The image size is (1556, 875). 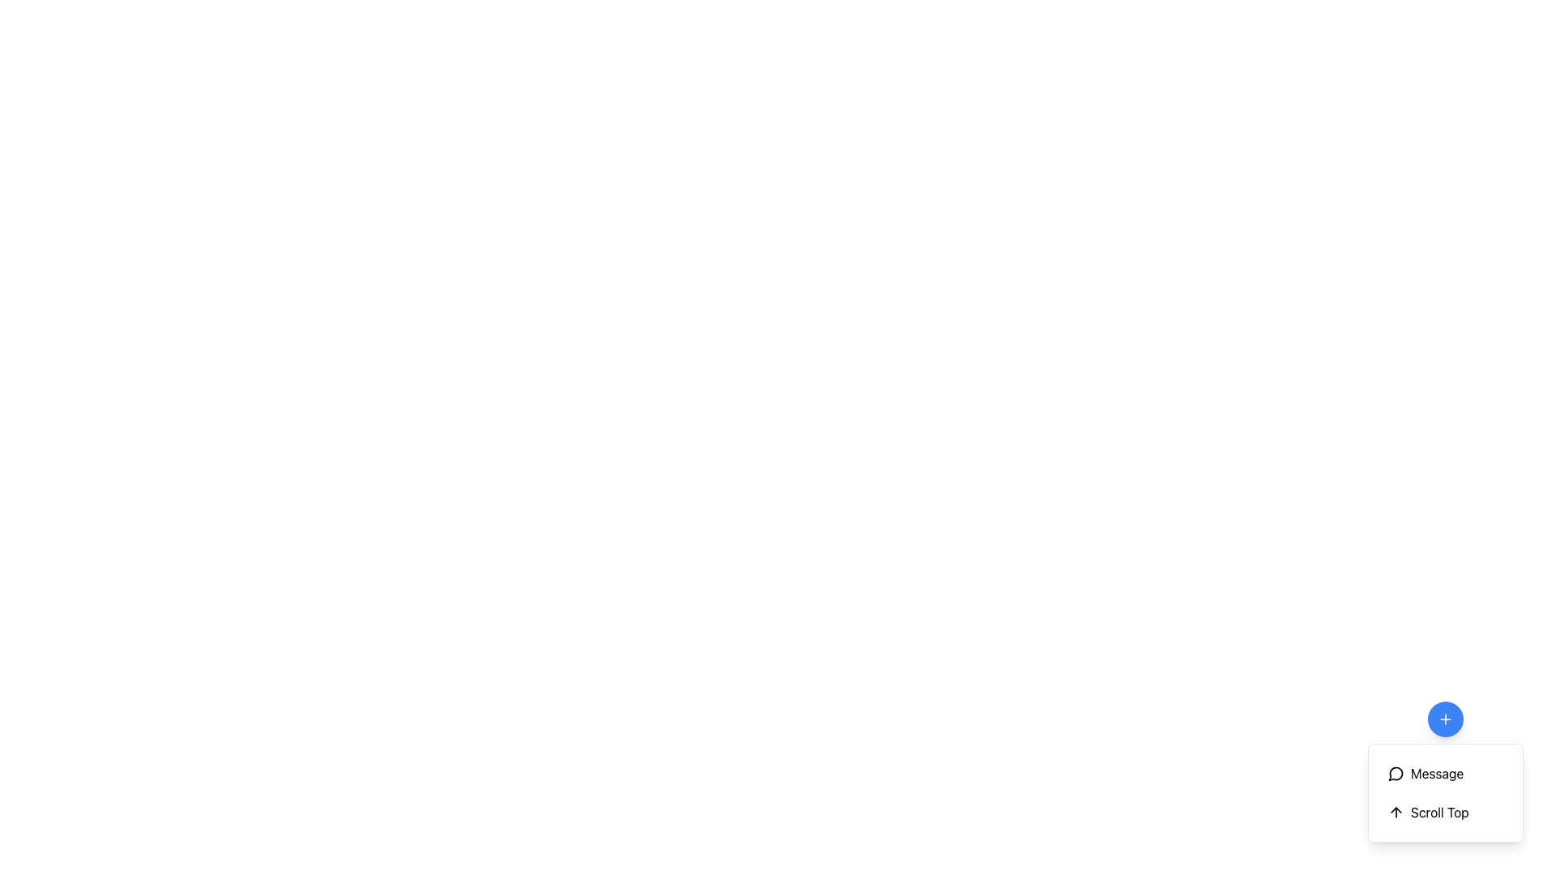 I want to click on the upward pointing arrow icon, which is a graphic-based UI element indicating the 'Scroll Top' functionality, so click(x=1396, y=812).